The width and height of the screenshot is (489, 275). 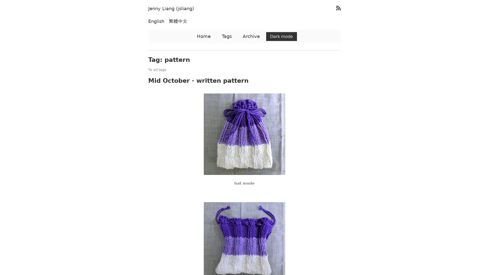 I want to click on Dark mode, so click(x=281, y=36).